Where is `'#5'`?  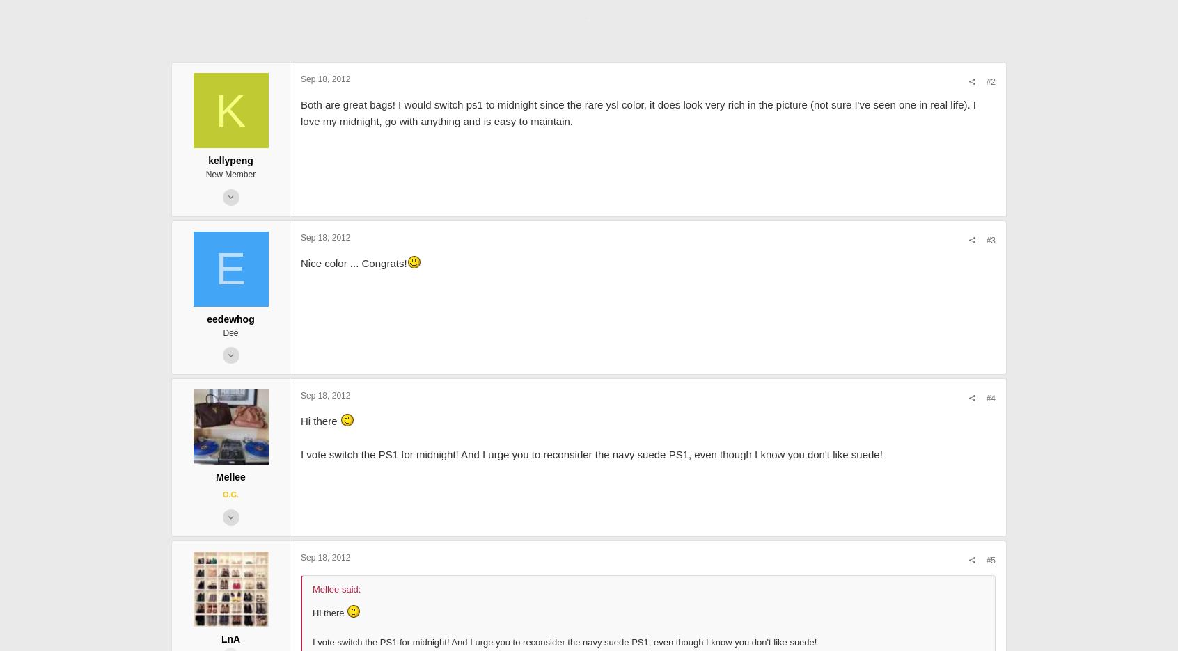 '#5' is located at coordinates (771, 627).